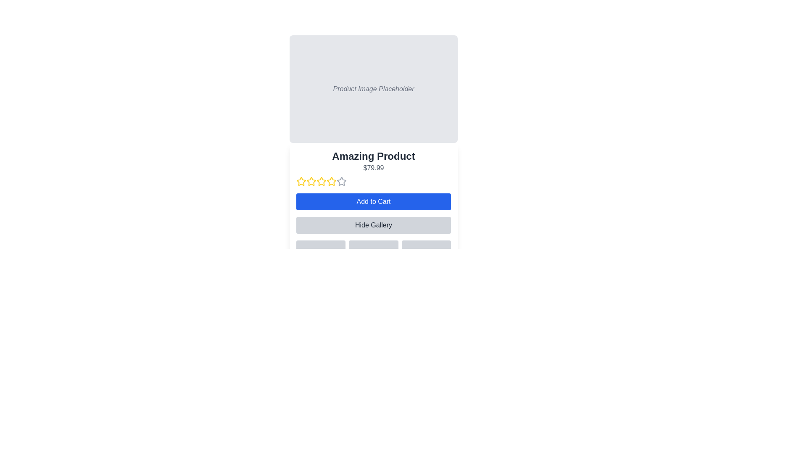 Image resolution: width=807 pixels, height=454 pixels. I want to click on the image placeholder located at the top section of the product card layout, directly above the product title and price information, so click(373, 89).